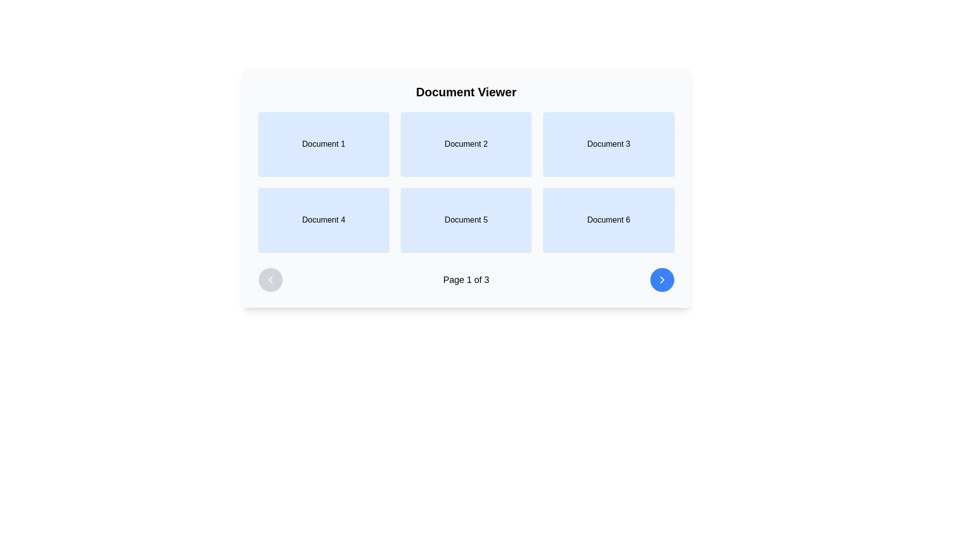  Describe the element at coordinates (608, 144) in the screenshot. I see `the selectable button for 'Document 3' located in the top-right position of the grid` at that location.